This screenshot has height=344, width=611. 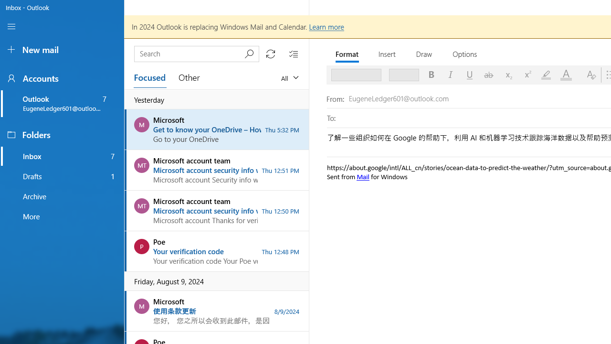 I want to click on 'Bold', so click(x=431, y=74).